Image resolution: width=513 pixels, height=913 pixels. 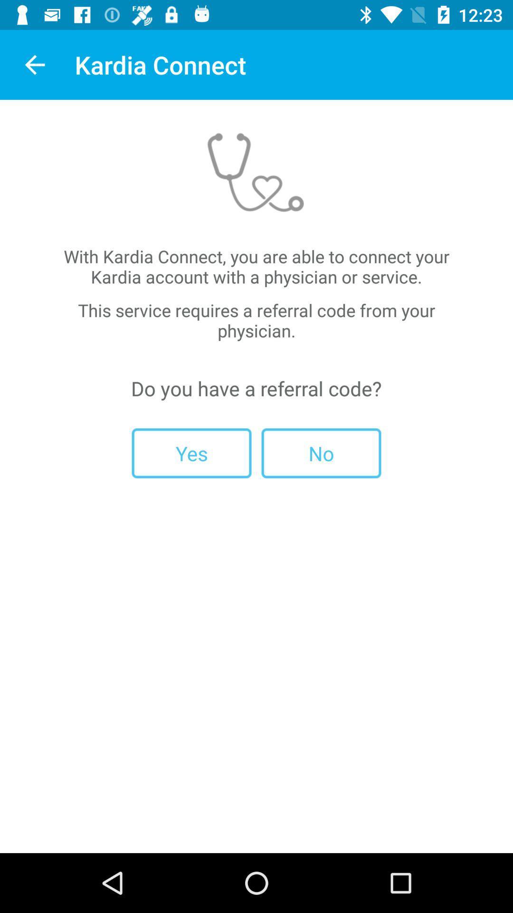 What do you see at coordinates (34, 64) in the screenshot?
I see `item next to kardia connect` at bounding box center [34, 64].